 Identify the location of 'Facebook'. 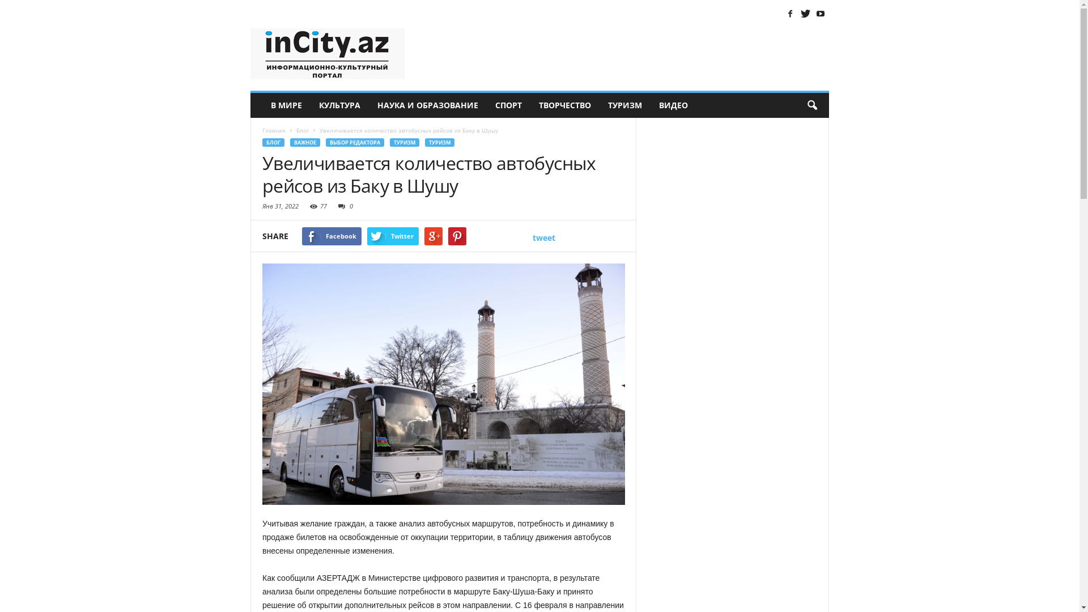
(331, 235).